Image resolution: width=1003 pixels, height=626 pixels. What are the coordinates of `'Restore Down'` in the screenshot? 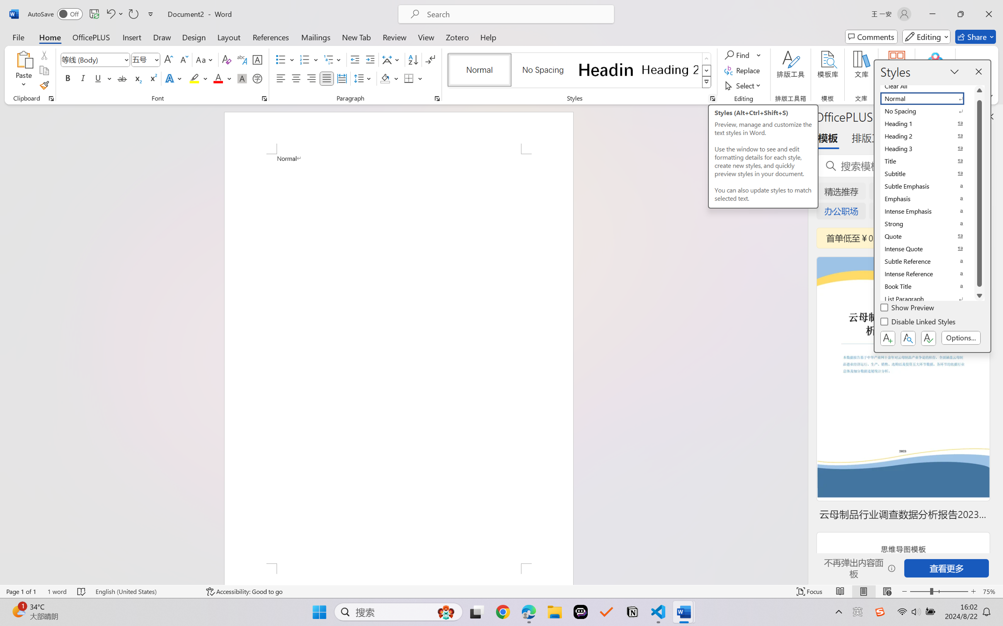 It's located at (961, 14).